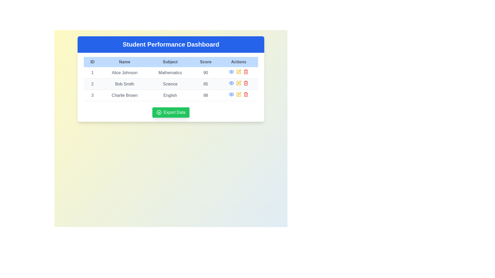 The image size is (495, 278). Describe the element at coordinates (205, 95) in the screenshot. I see `the text '88' in the 'Score' column of the third row labeled '3 - Charlie Brown - English' in the performance dashboard` at that location.